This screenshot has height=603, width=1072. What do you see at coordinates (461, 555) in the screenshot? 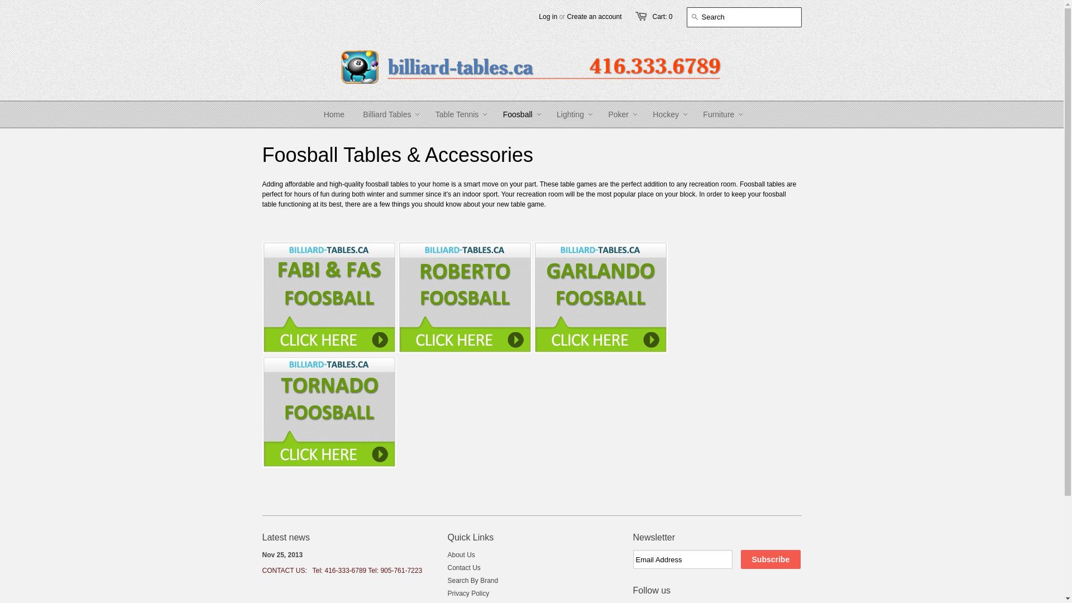
I see `'About Us'` at bounding box center [461, 555].